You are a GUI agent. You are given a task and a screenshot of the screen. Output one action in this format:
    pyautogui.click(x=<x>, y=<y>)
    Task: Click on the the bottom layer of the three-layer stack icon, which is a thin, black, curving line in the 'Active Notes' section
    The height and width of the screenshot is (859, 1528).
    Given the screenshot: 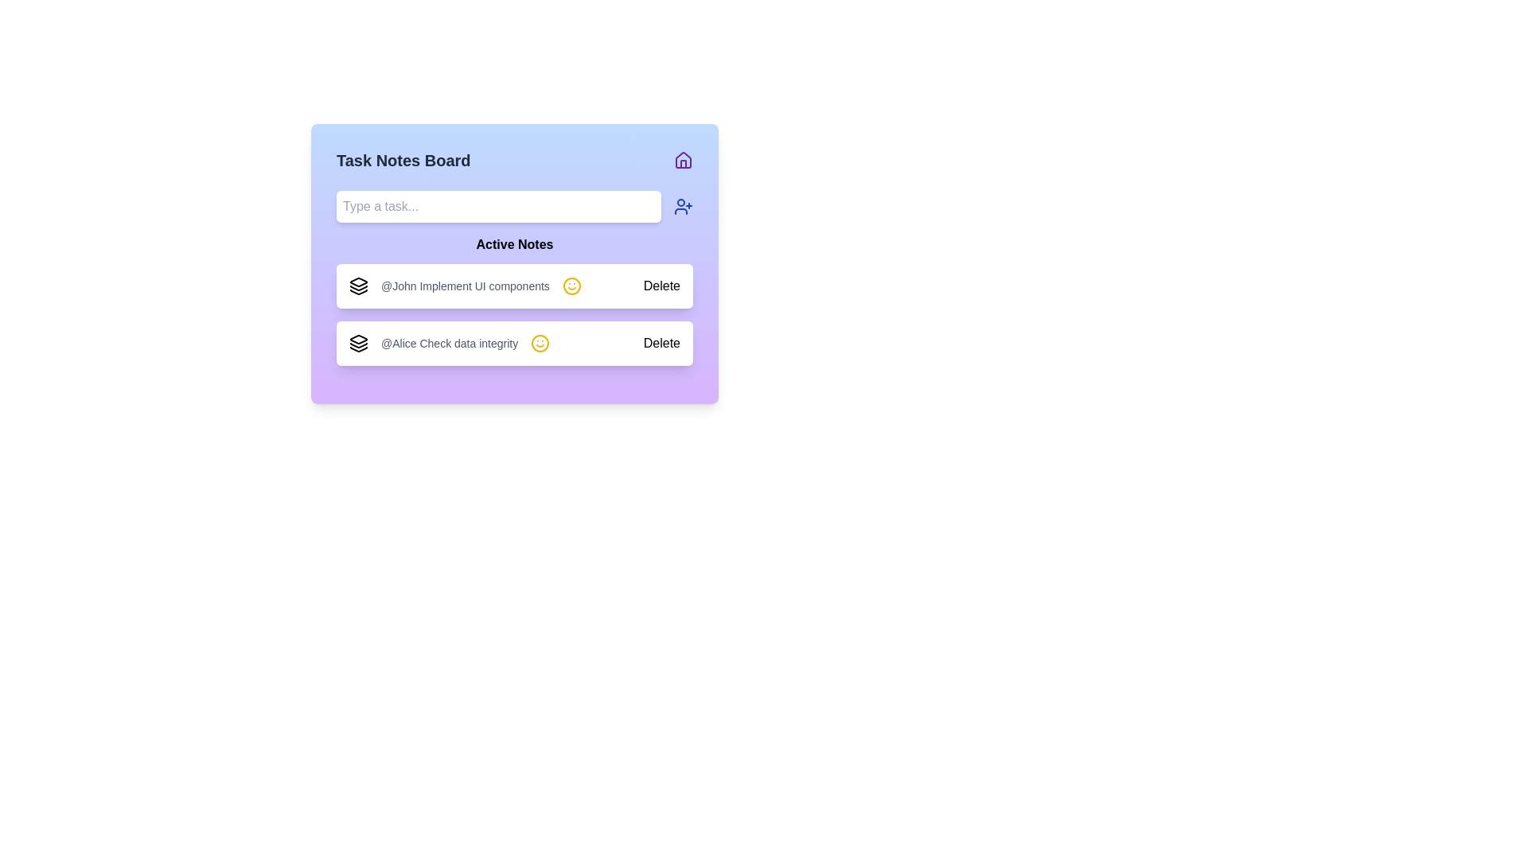 What is the action you would take?
    pyautogui.click(x=358, y=348)
    